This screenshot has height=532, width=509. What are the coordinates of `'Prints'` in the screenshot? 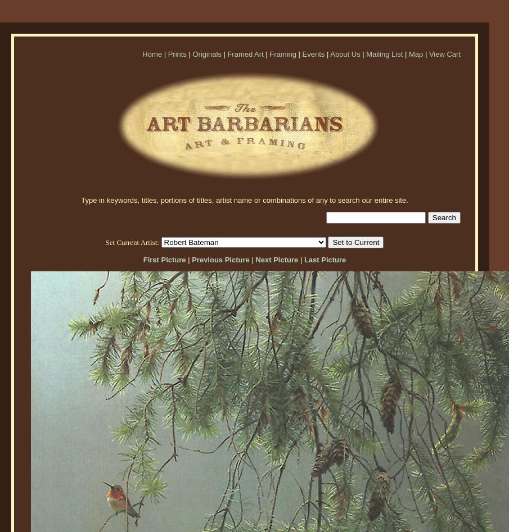 It's located at (176, 53).